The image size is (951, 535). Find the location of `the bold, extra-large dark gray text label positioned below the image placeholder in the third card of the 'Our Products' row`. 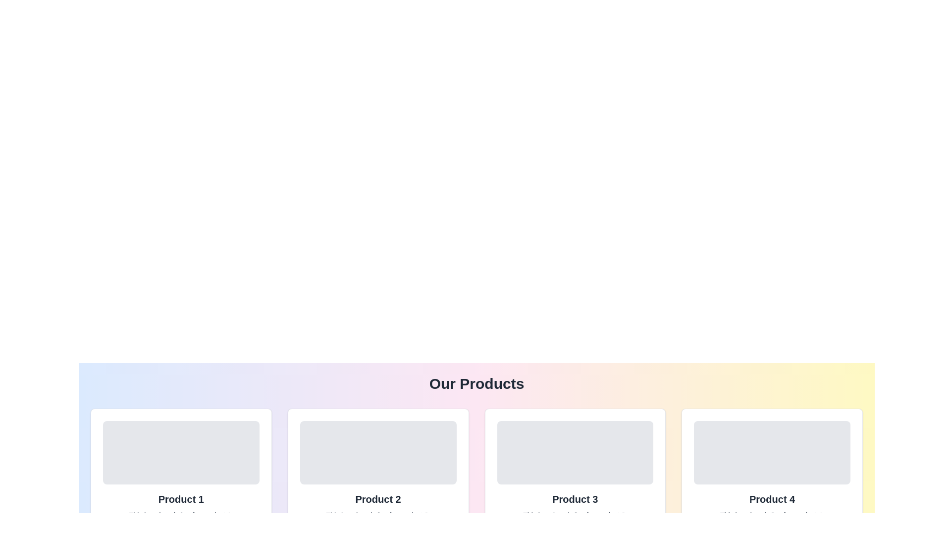

the bold, extra-large dark gray text label positioned below the image placeholder in the third card of the 'Our Products' row is located at coordinates (575, 499).